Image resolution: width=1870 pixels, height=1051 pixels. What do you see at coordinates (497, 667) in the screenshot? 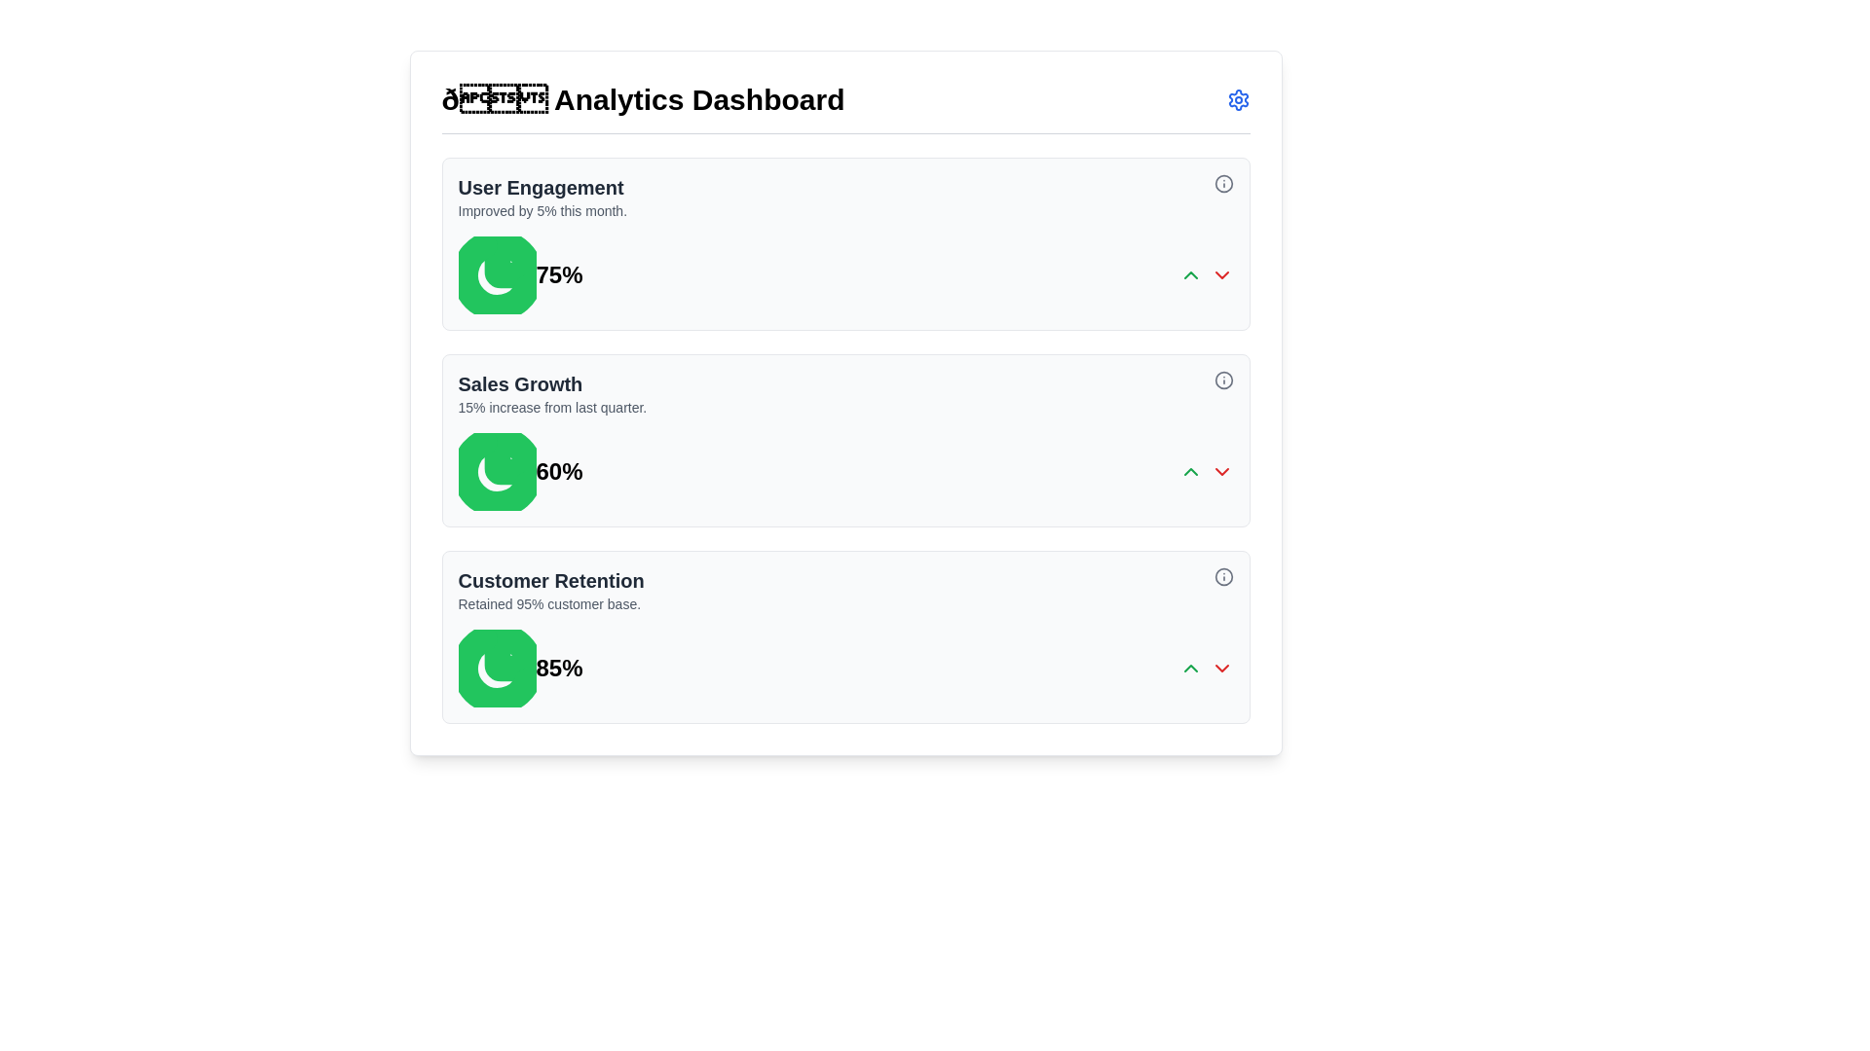
I see `the position of the icon located in the third section of the dashboard under 'Customer Retention', which is situated to the left of the text '85%'` at bounding box center [497, 667].